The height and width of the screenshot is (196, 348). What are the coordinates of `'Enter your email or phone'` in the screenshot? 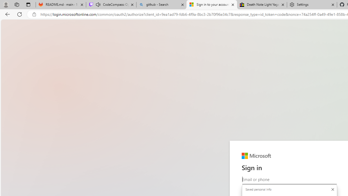 It's located at (289, 179).